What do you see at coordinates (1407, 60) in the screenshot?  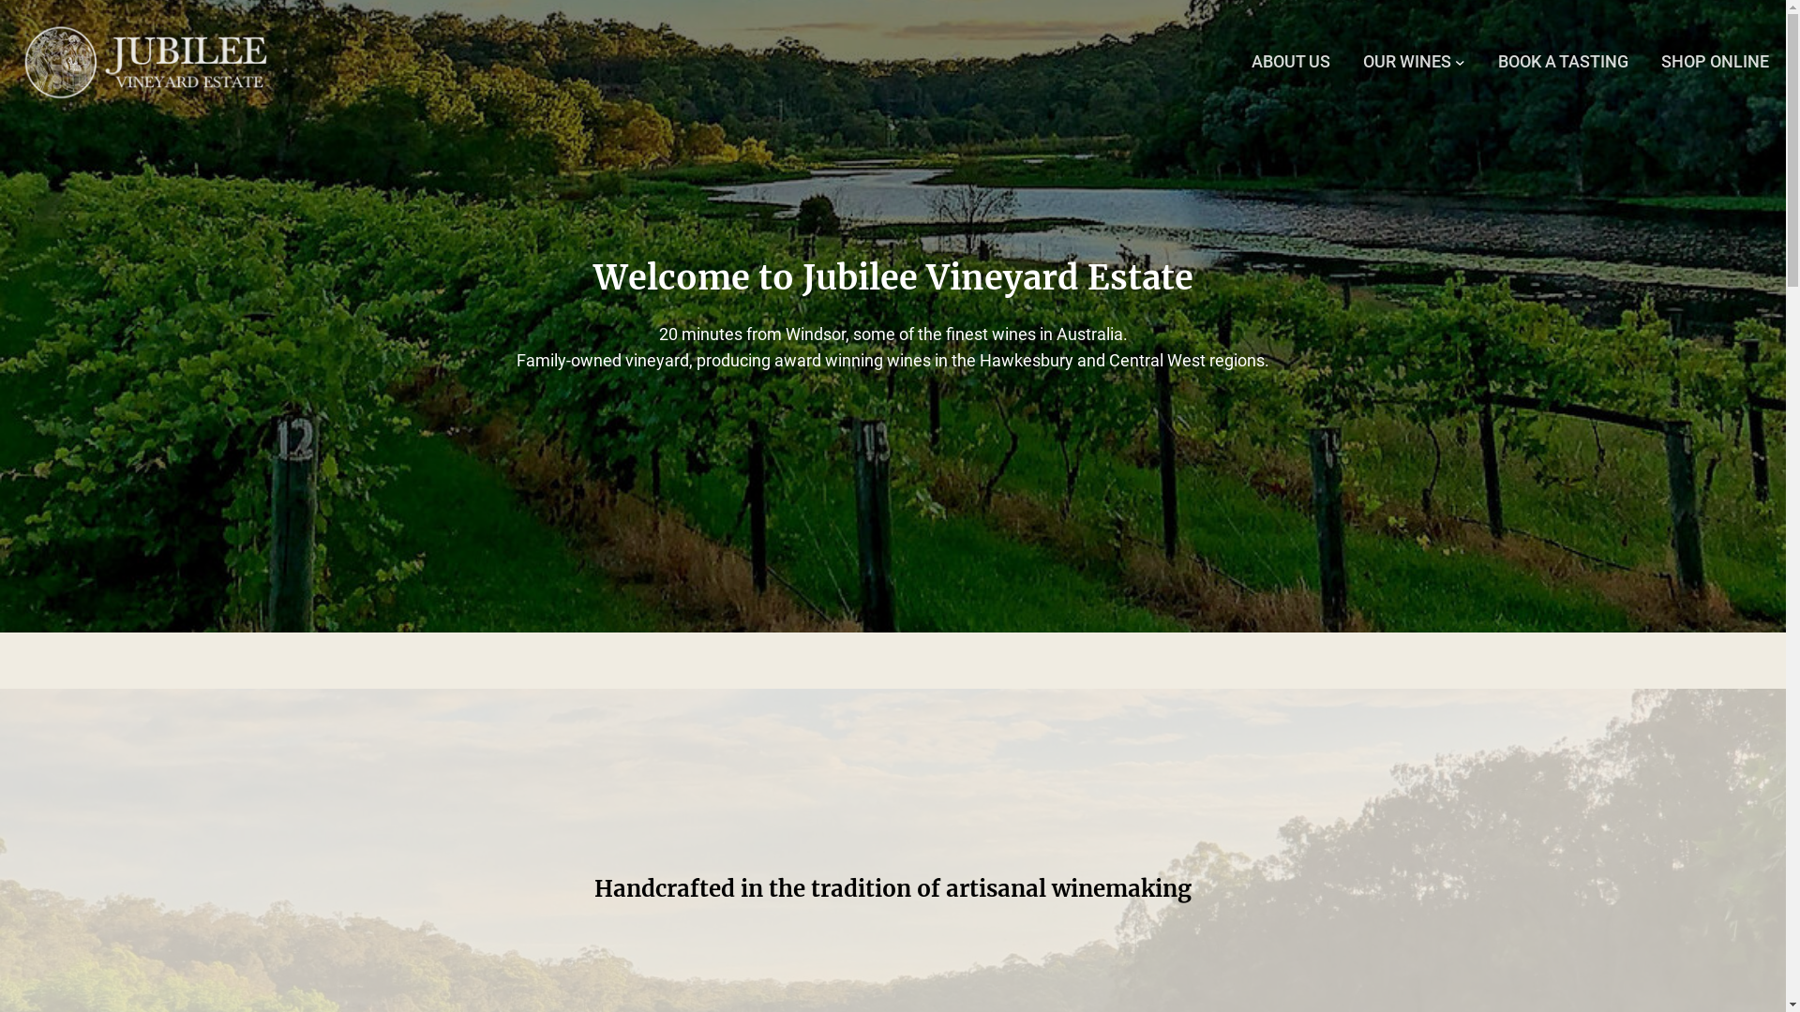 I see `'OUR WINES'` at bounding box center [1407, 60].